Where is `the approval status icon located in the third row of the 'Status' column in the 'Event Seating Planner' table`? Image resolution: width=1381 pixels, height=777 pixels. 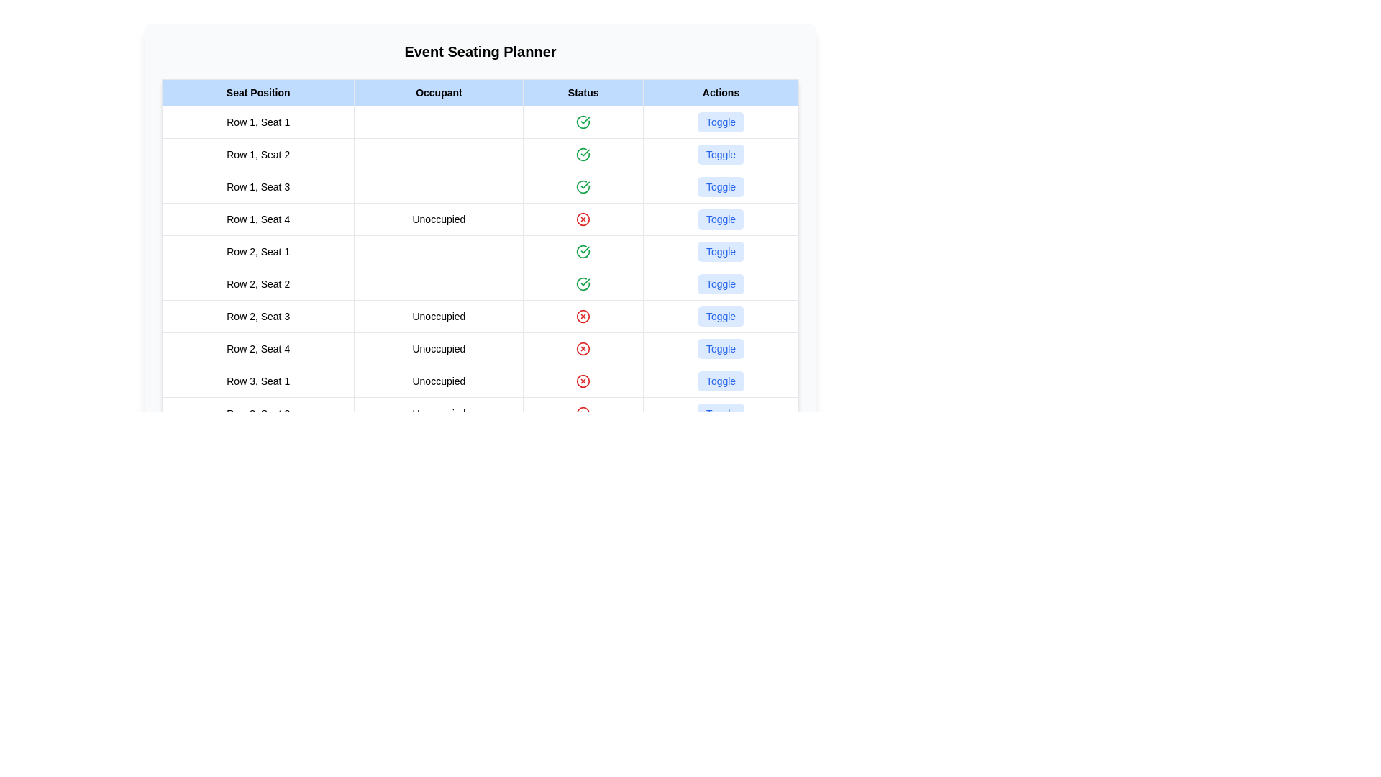
the approval status icon located in the third row of the 'Status' column in the 'Event Seating Planner' table is located at coordinates (583, 186).